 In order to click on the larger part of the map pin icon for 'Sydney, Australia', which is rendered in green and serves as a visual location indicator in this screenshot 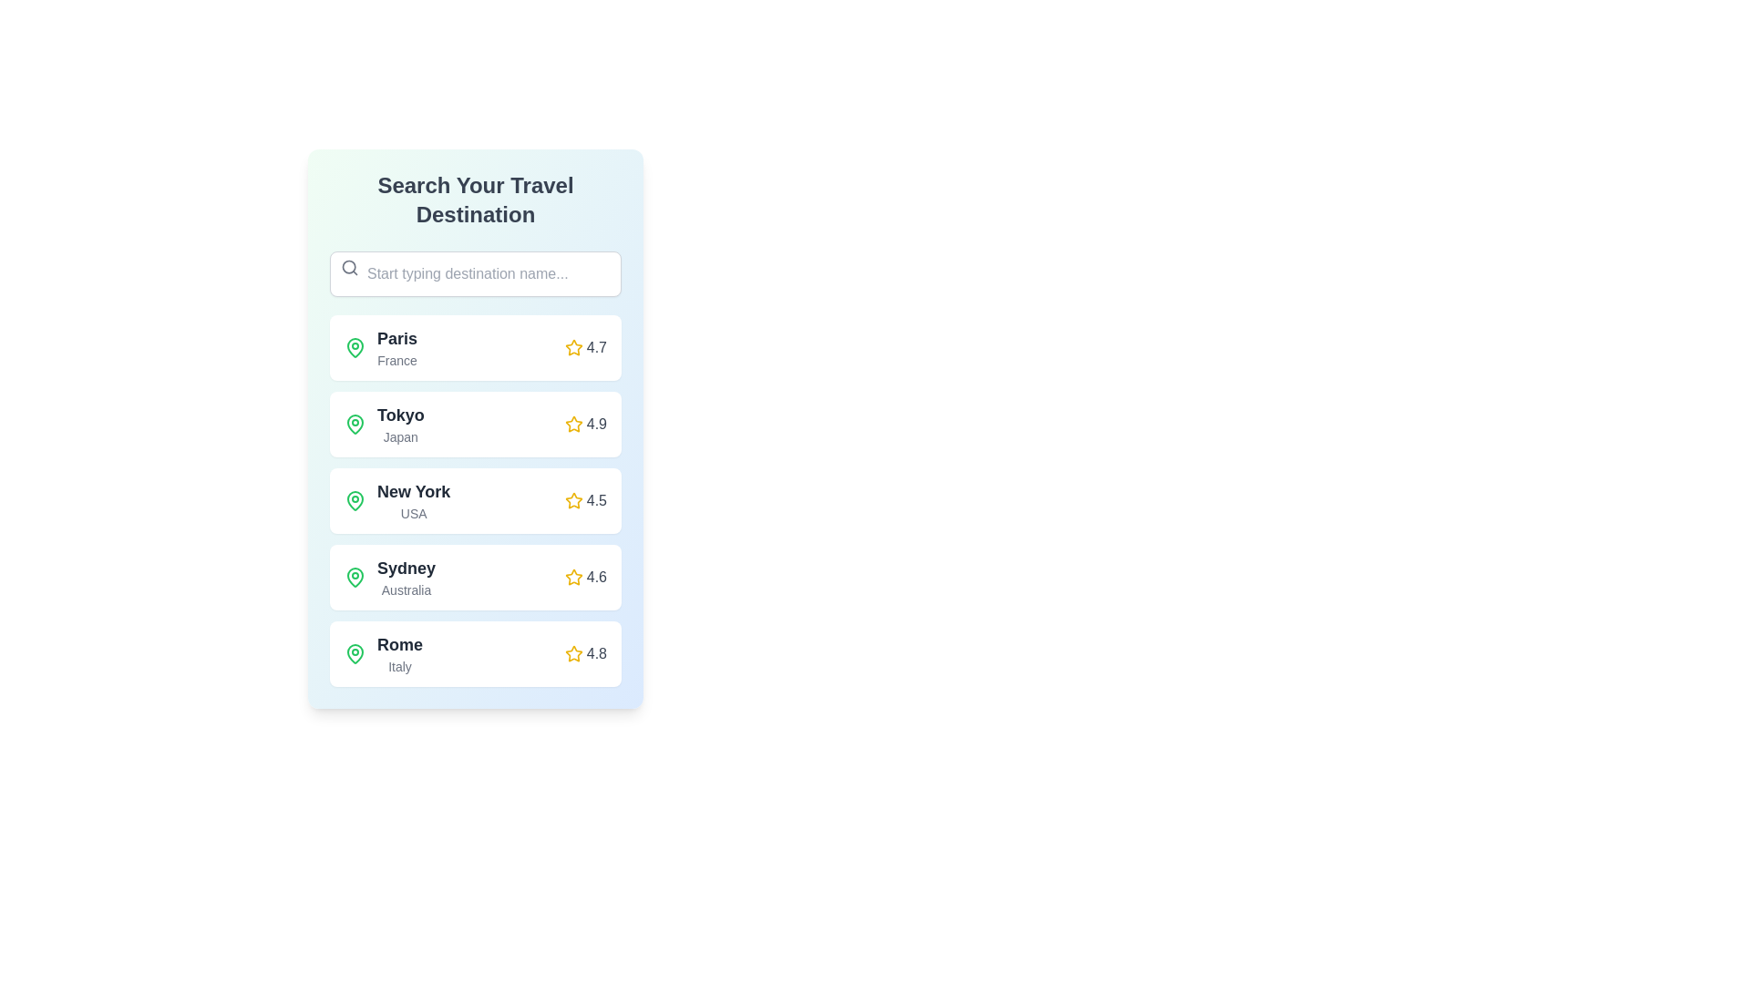, I will do `click(355, 576)`.